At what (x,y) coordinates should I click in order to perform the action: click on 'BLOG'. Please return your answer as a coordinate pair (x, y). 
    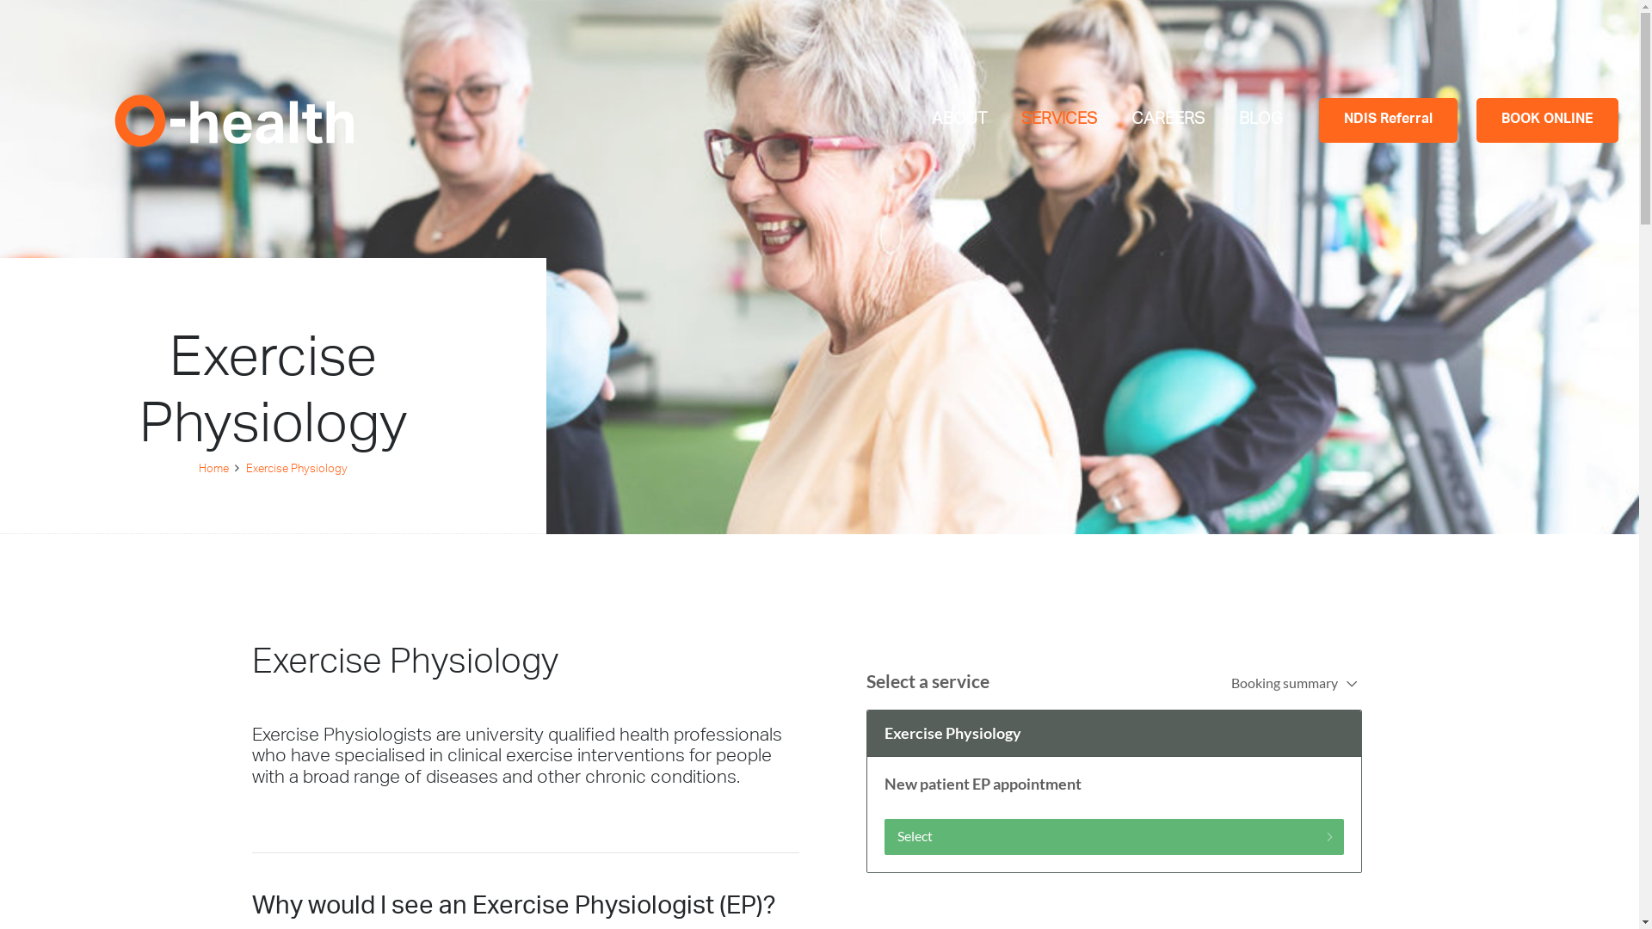
    Looking at the image, I should click on (1261, 119).